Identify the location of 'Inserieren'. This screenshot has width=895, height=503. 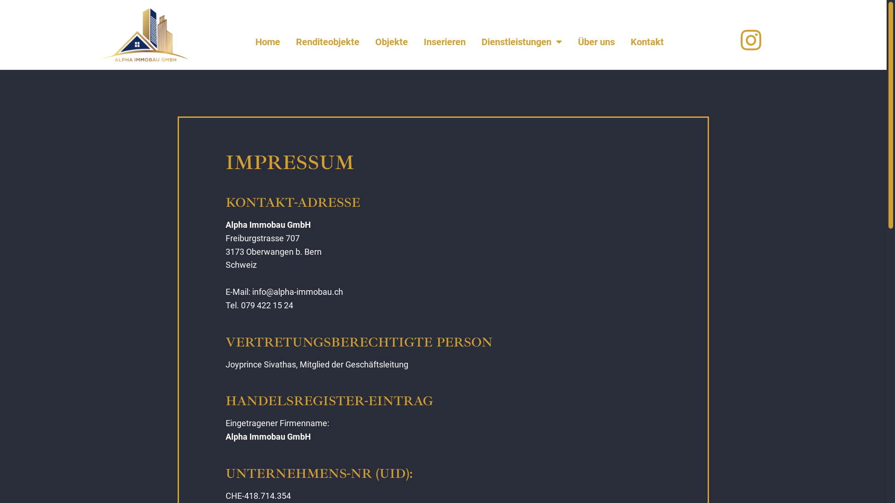
(444, 41).